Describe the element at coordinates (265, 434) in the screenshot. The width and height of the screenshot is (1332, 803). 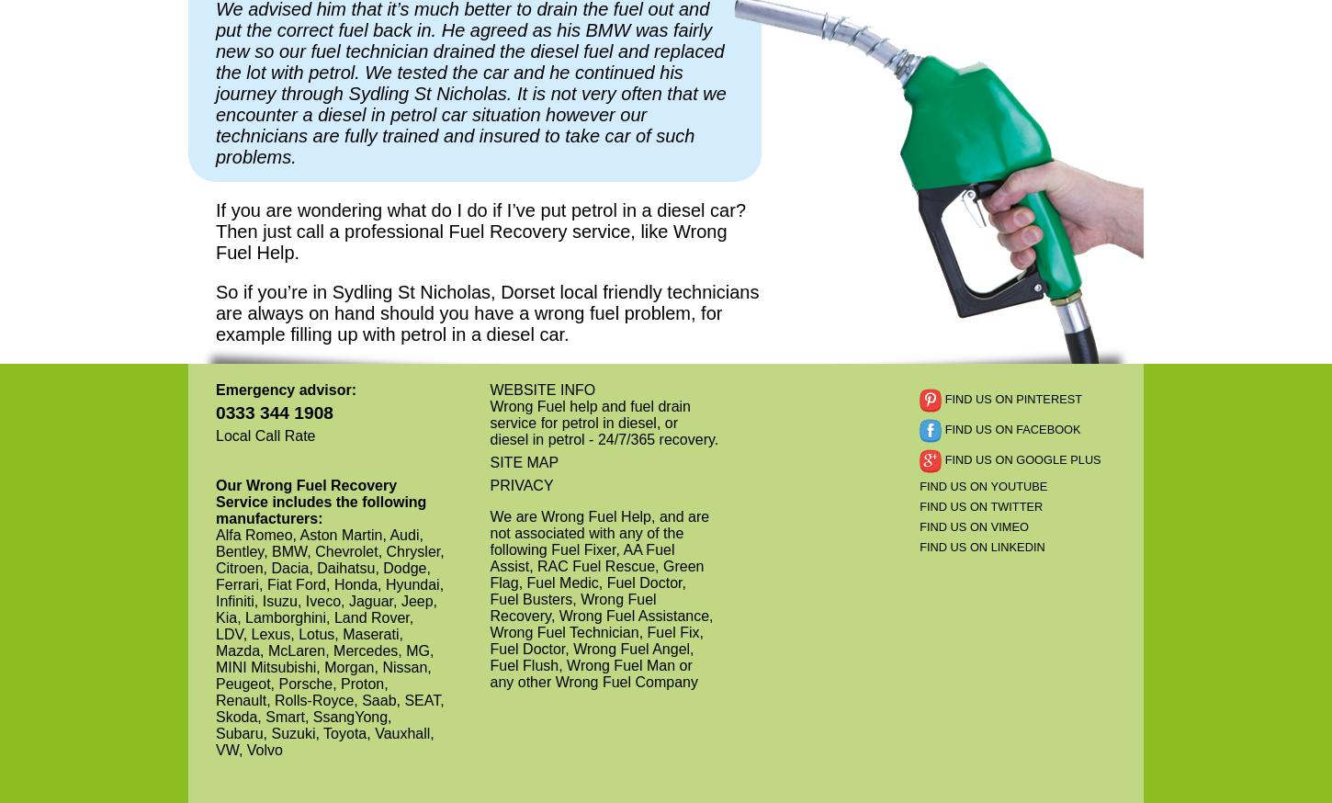
I see `'Local Call Rate'` at that location.